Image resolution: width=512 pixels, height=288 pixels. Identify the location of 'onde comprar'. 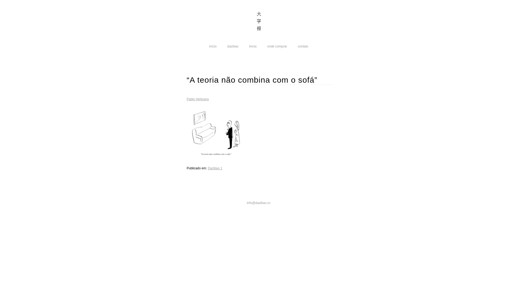
(277, 46).